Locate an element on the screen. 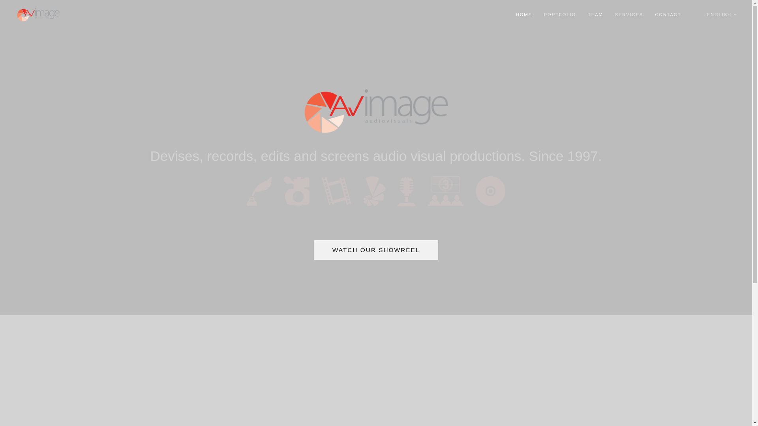 This screenshot has width=758, height=426. 'PORTFOLIO' is located at coordinates (559, 15).